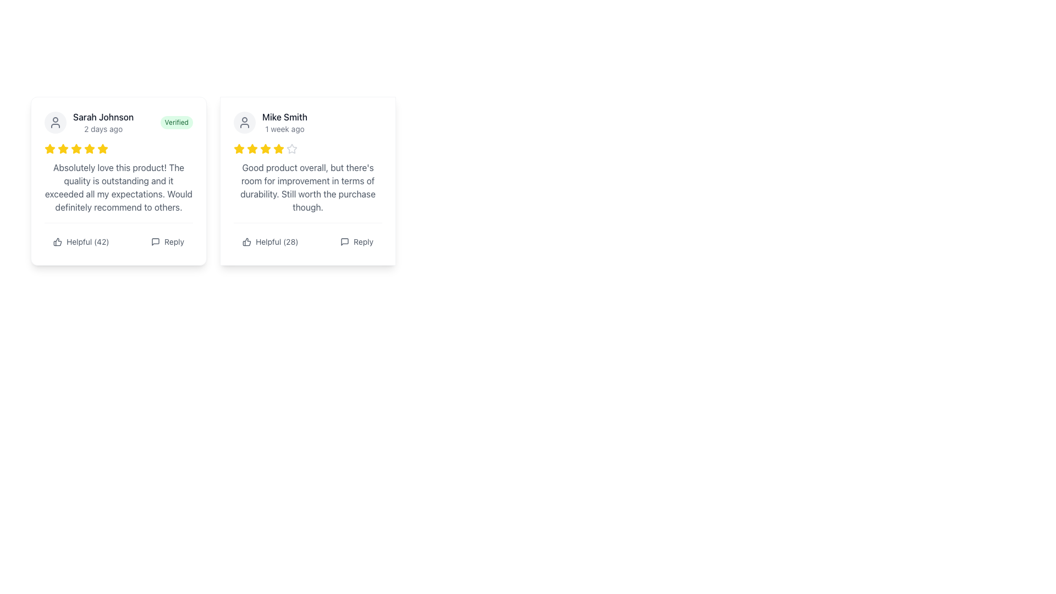  What do you see at coordinates (76, 148) in the screenshot?
I see `the second star in the five-star rating system located in the top left section of the user's review card` at bounding box center [76, 148].